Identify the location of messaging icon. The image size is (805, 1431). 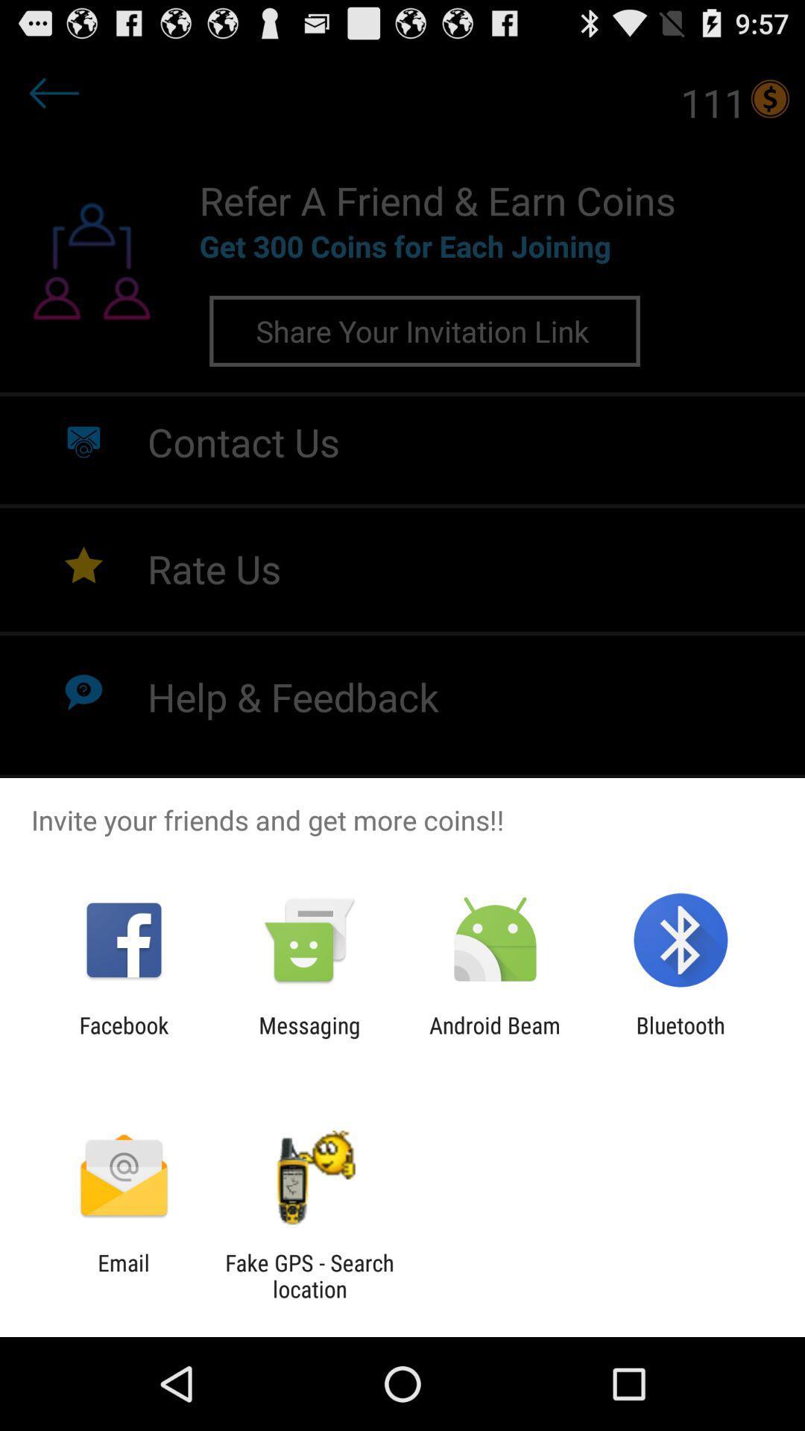
(309, 1037).